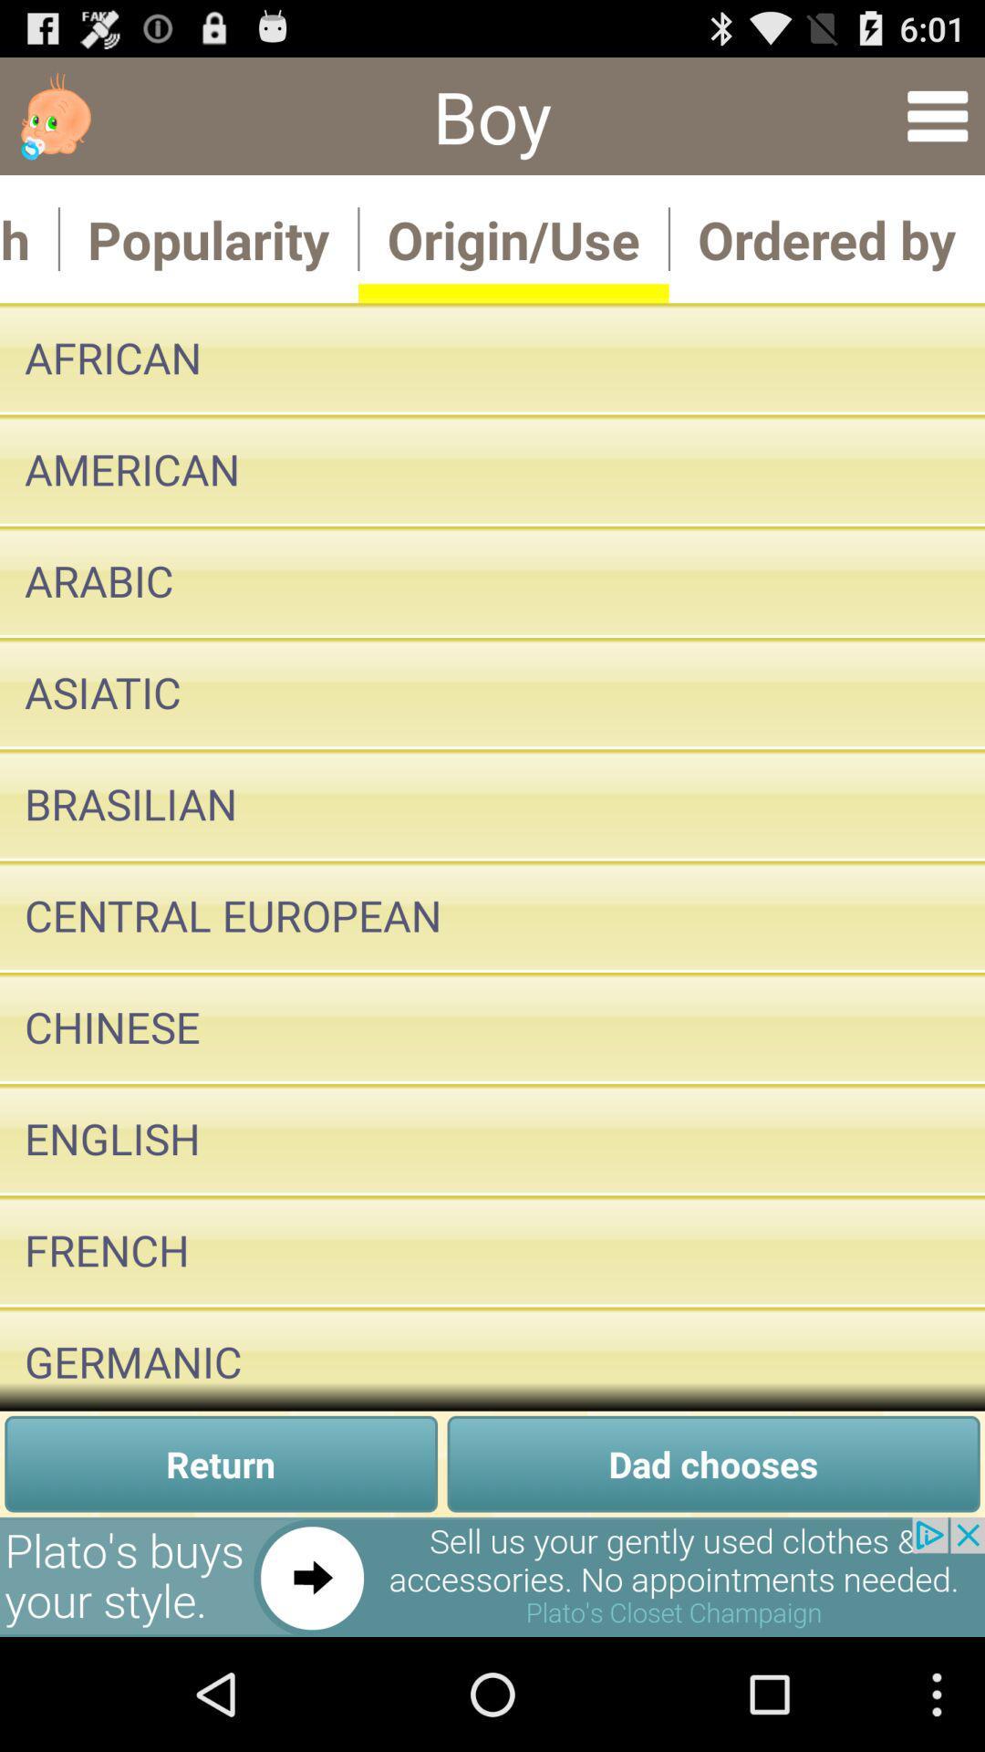 This screenshot has width=985, height=1752. I want to click on the menu icon, so click(938, 123).